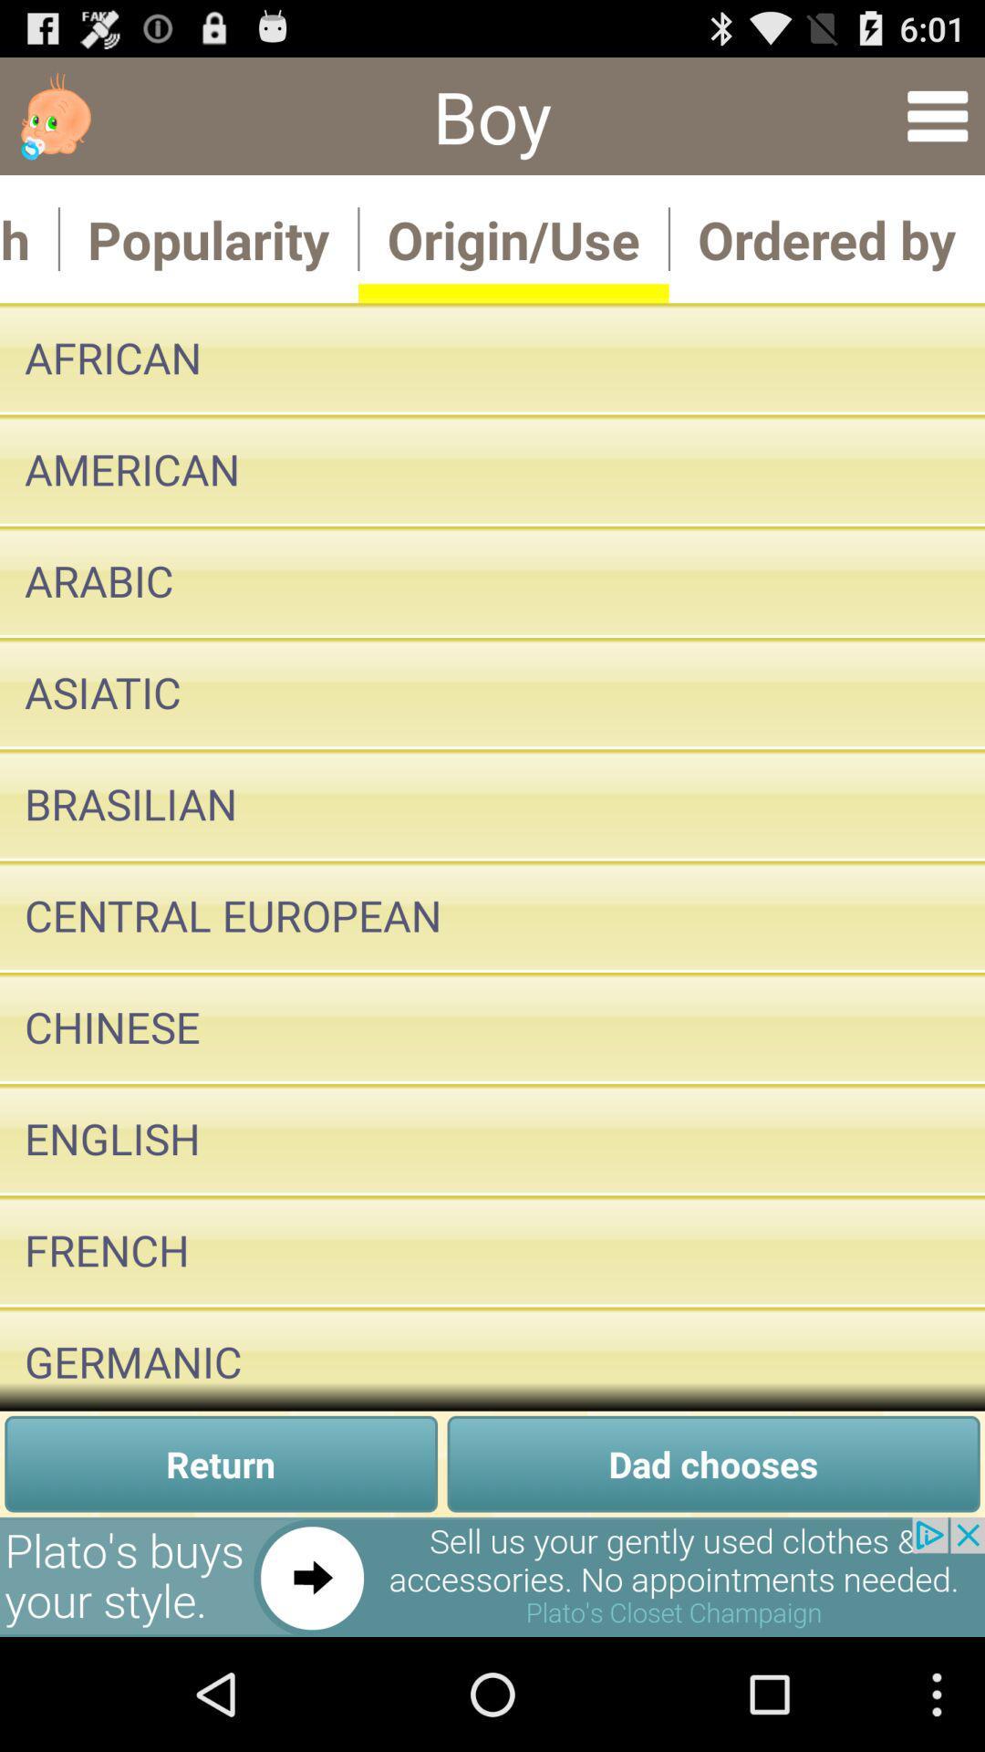 This screenshot has width=985, height=1752. I want to click on the menu icon, so click(938, 123).